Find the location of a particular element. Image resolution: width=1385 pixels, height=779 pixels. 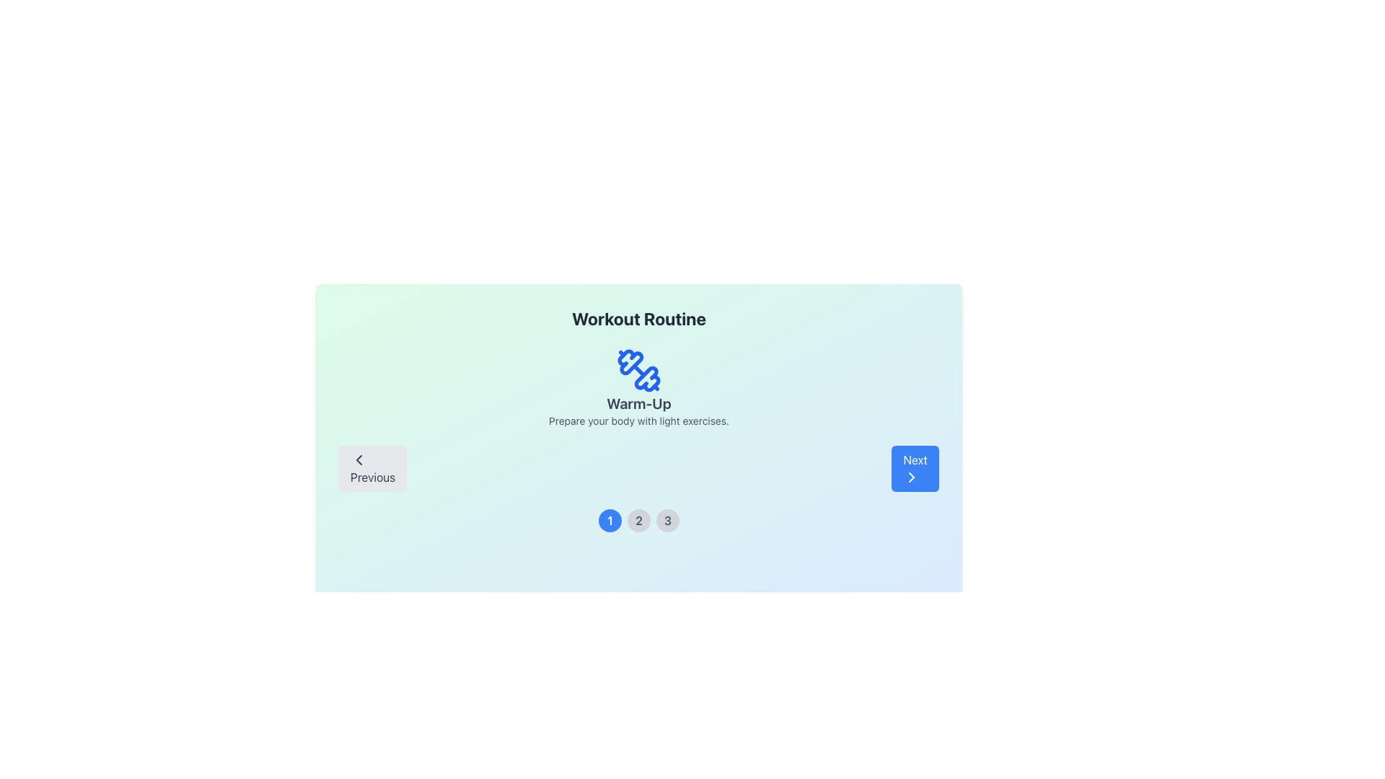

the 'Warm-Up' text label, which serves as the title for the section summarizing the associated content or actions is located at coordinates (638, 403).